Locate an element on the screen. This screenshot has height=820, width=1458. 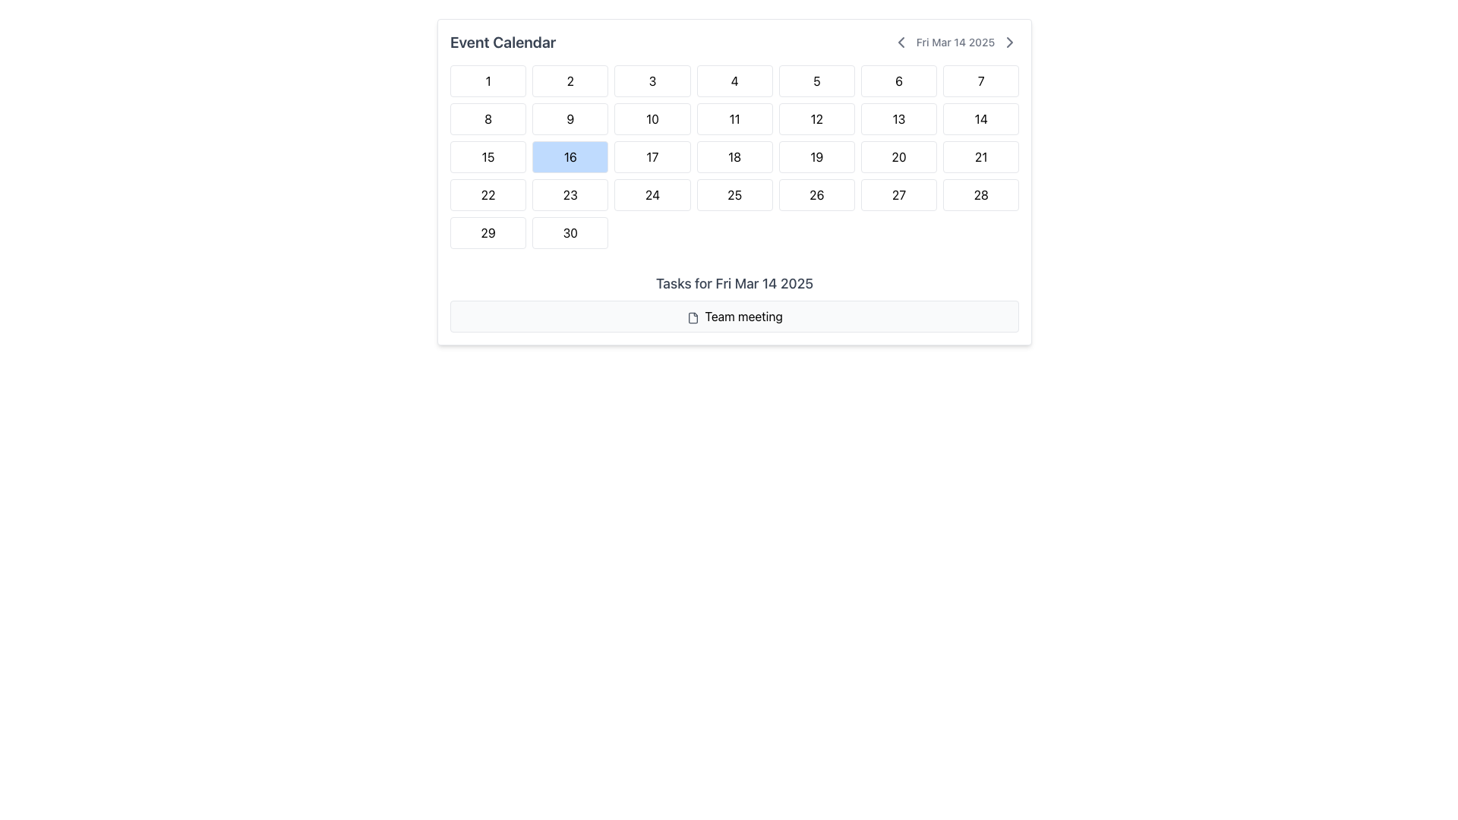
the selectable date box representing the 16th day in the calendar grid is located at coordinates (570, 157).